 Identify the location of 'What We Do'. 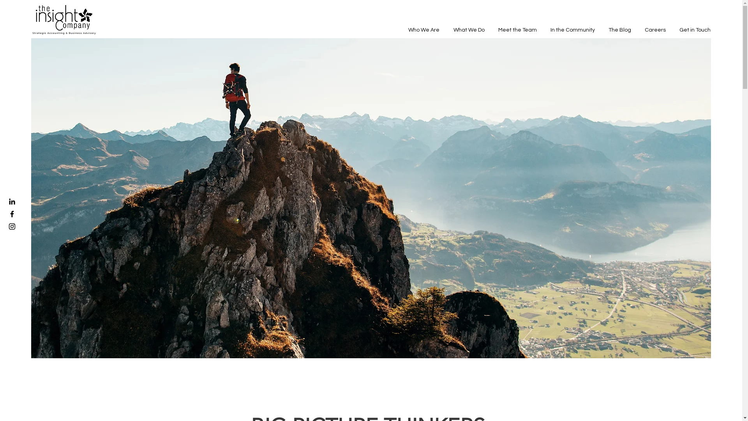
(467, 30).